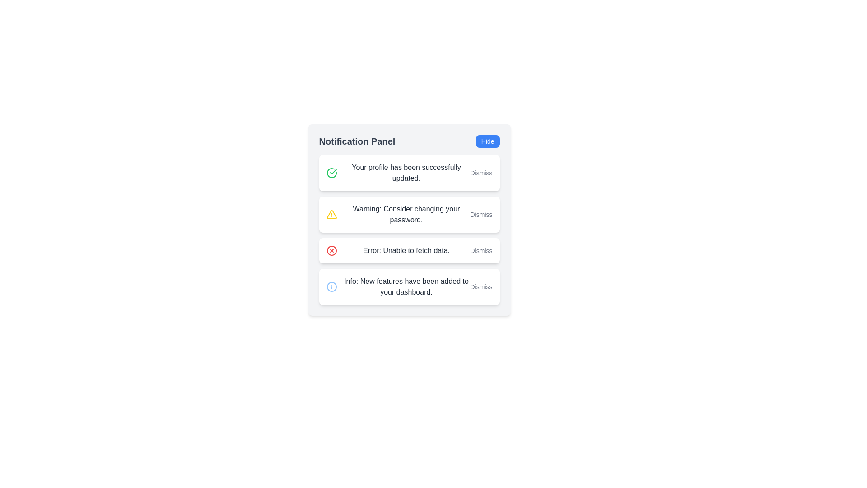 This screenshot has width=867, height=488. I want to click on the warning icon located in the second notification card of the Notification Panel, so click(331, 214).